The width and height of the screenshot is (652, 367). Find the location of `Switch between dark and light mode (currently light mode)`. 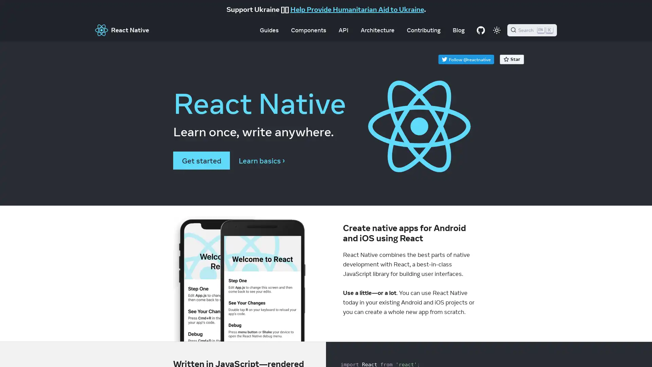

Switch between dark and light mode (currently light mode) is located at coordinates (496, 30).